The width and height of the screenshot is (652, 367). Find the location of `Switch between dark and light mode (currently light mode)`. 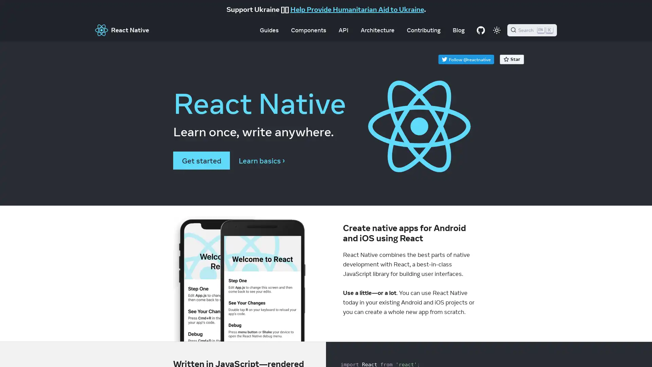

Switch between dark and light mode (currently light mode) is located at coordinates (496, 30).